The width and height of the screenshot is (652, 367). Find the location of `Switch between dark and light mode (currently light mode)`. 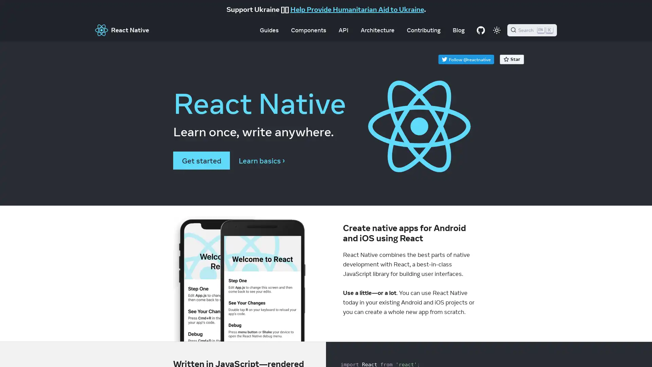

Switch between dark and light mode (currently light mode) is located at coordinates (496, 30).